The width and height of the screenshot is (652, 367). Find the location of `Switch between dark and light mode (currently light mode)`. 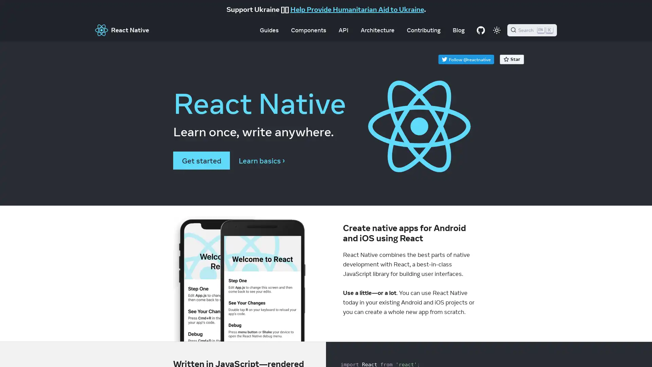

Switch between dark and light mode (currently light mode) is located at coordinates (496, 30).